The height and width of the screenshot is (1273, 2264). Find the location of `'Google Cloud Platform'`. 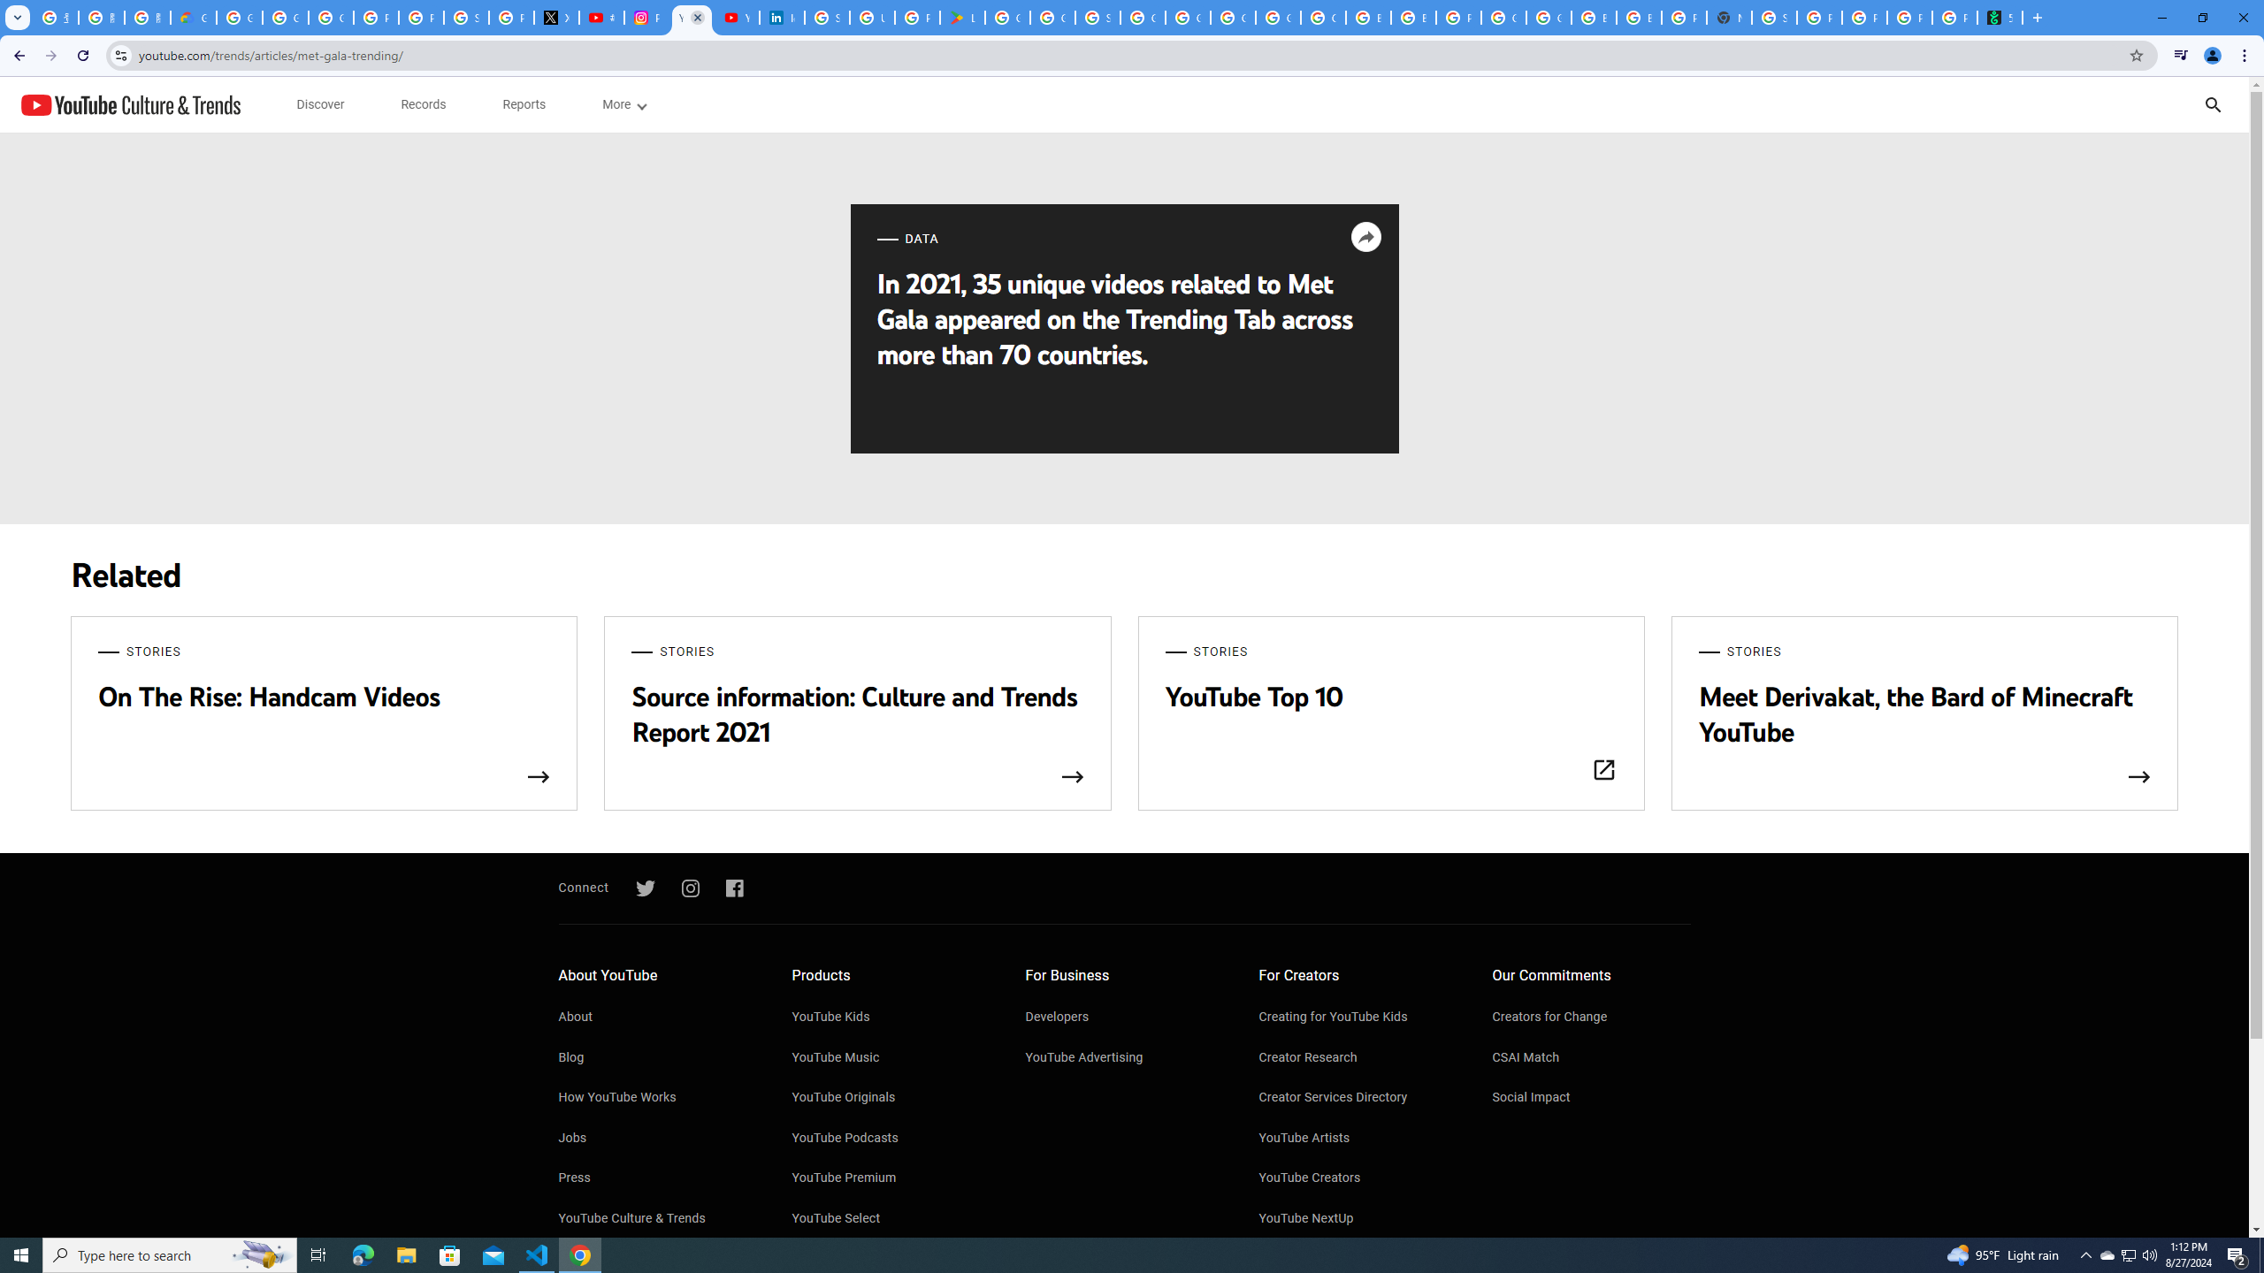

'Google Cloud Platform' is located at coordinates (1503, 17).